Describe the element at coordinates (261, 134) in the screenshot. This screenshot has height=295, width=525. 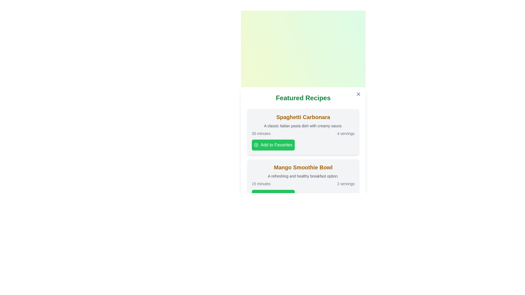
I see `text label indicating the preparation time for the recipe 'Spaghetti Carbonara', located at the bottom-left corner of the recipe card` at that location.